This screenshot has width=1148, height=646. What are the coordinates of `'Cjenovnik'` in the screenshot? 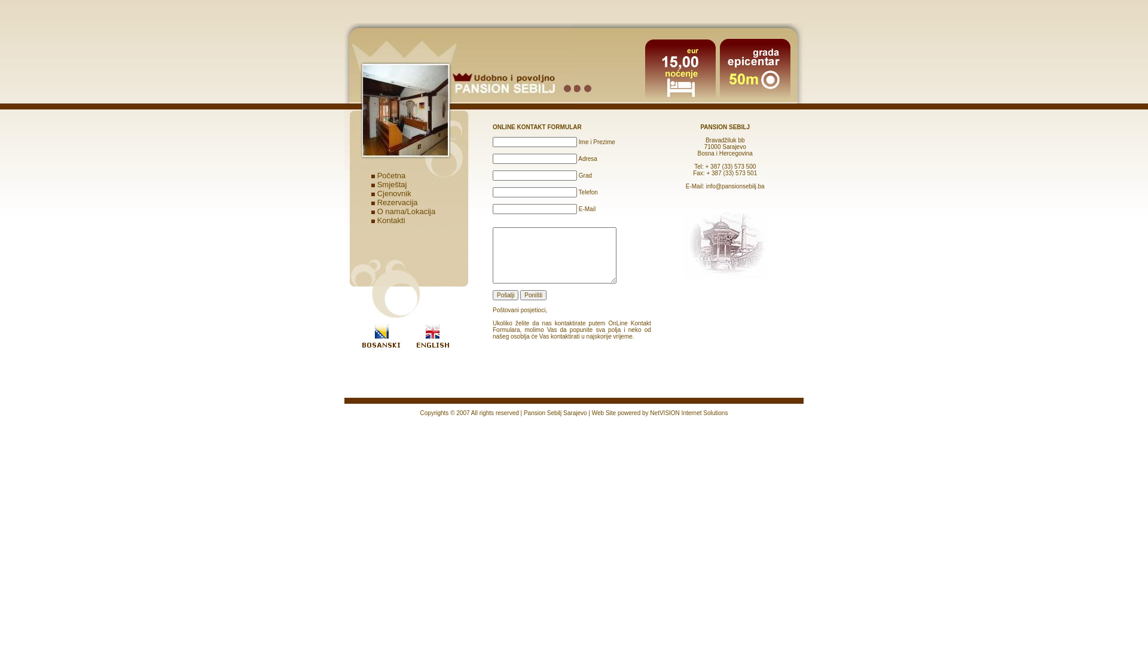 It's located at (394, 193).